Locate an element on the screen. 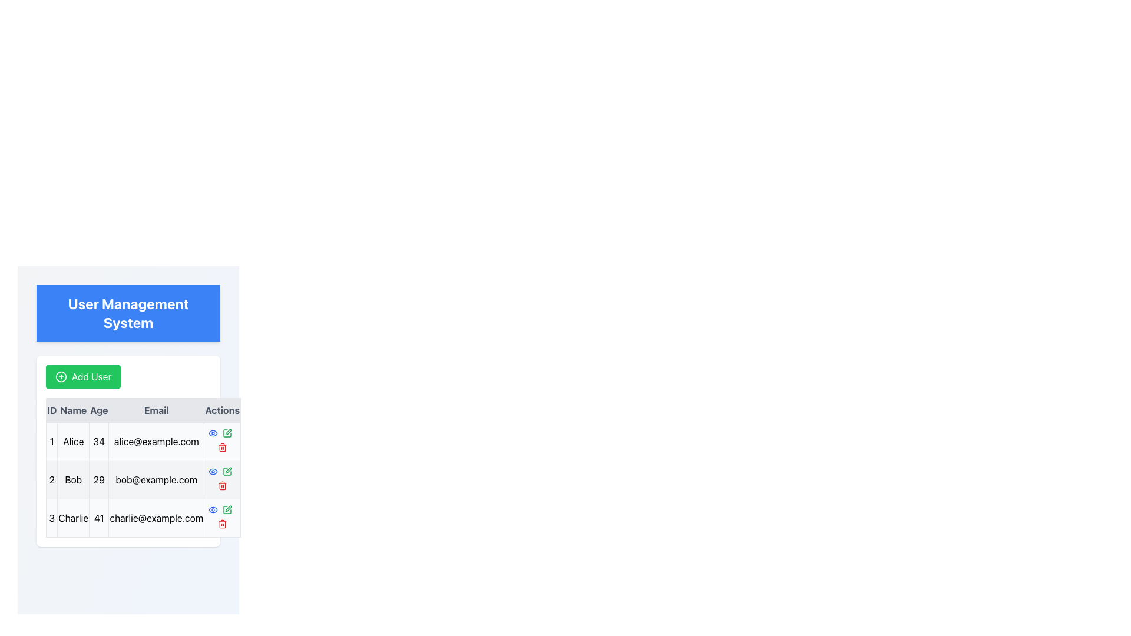 Image resolution: width=1131 pixels, height=636 pixels. the text label displaying 'Alice' in the 'Name' column of the user details table within the User Management System is located at coordinates (72, 441).